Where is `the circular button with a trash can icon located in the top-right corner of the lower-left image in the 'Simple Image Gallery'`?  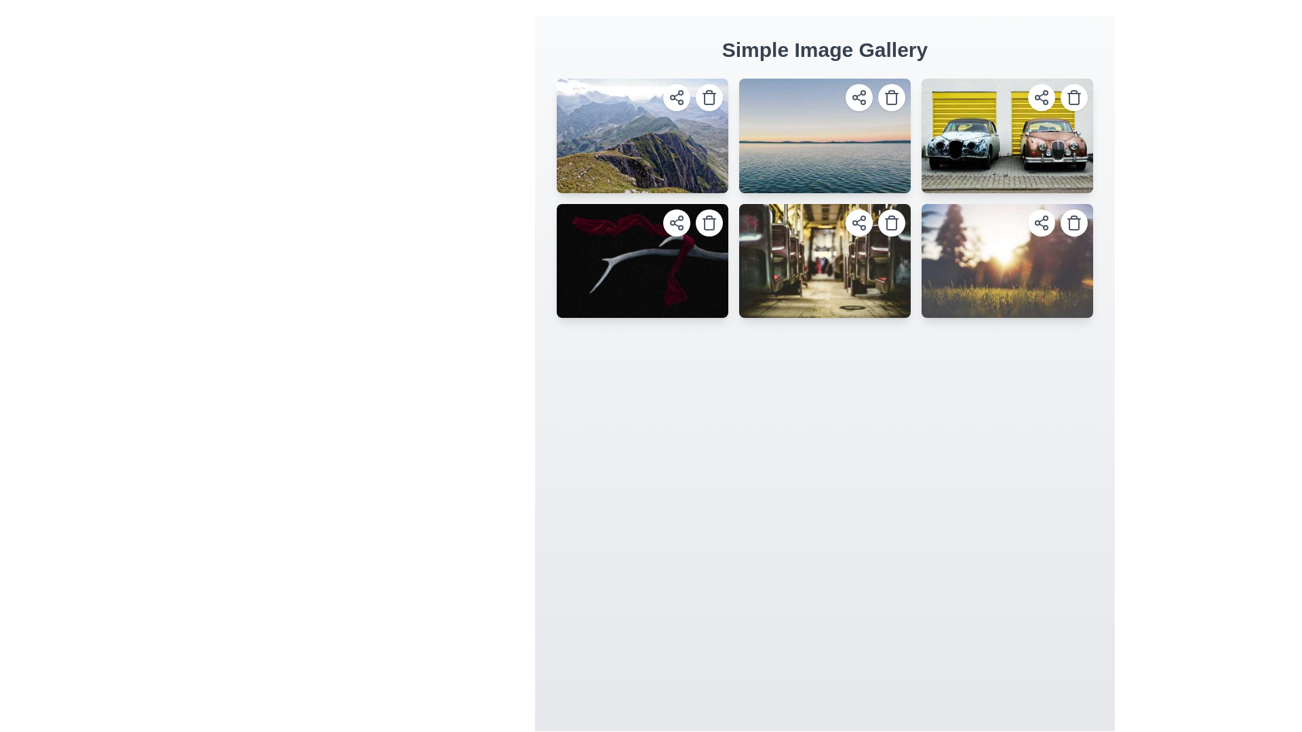 the circular button with a trash can icon located in the top-right corner of the lower-left image in the 'Simple Image Gallery' is located at coordinates (709, 221).